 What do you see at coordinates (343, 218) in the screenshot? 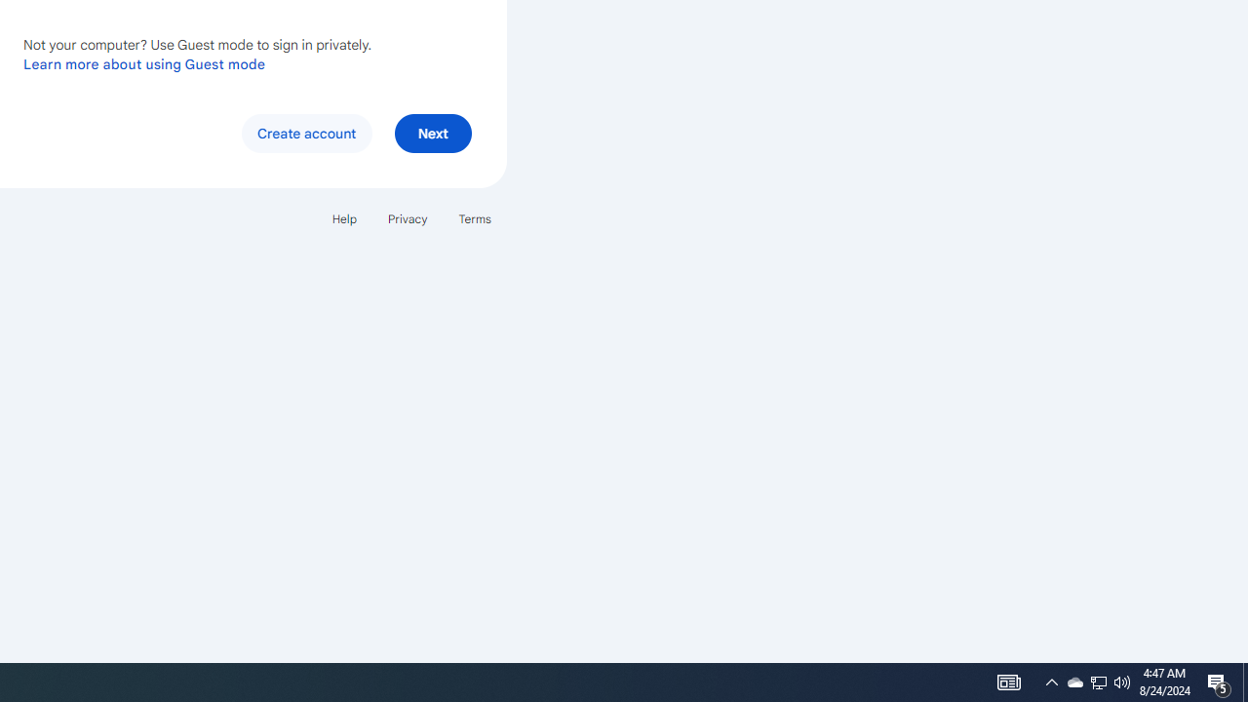
I see `'Help'` at bounding box center [343, 218].